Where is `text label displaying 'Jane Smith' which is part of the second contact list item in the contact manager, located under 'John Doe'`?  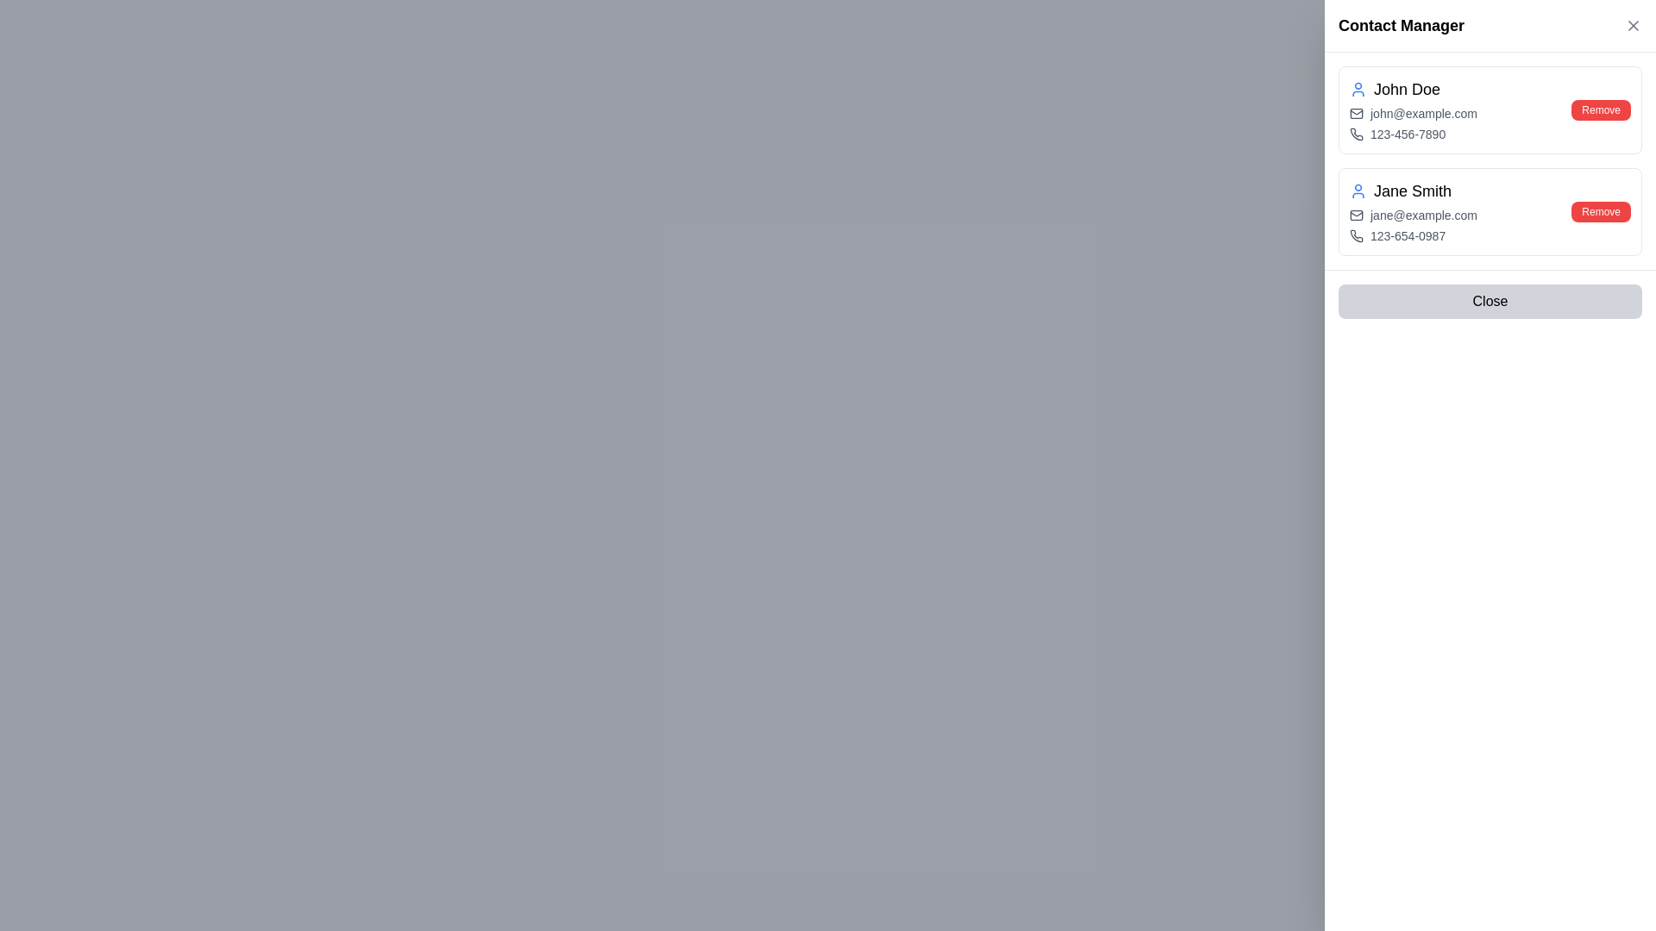 text label displaying 'Jane Smith' which is part of the second contact list item in the contact manager, located under 'John Doe' is located at coordinates (1413, 191).